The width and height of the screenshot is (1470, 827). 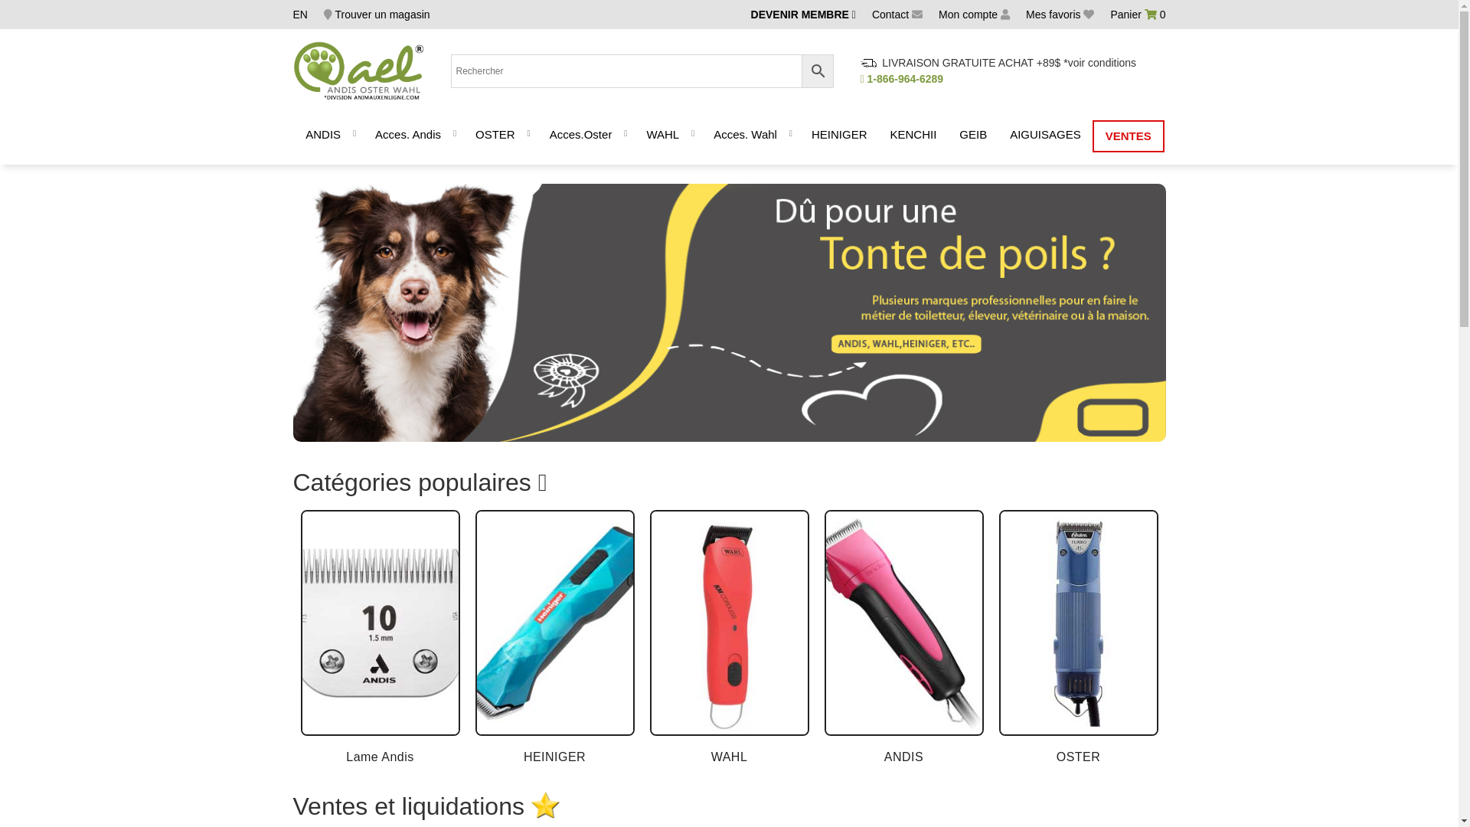 I want to click on 'OSTER', so click(x=1076, y=638).